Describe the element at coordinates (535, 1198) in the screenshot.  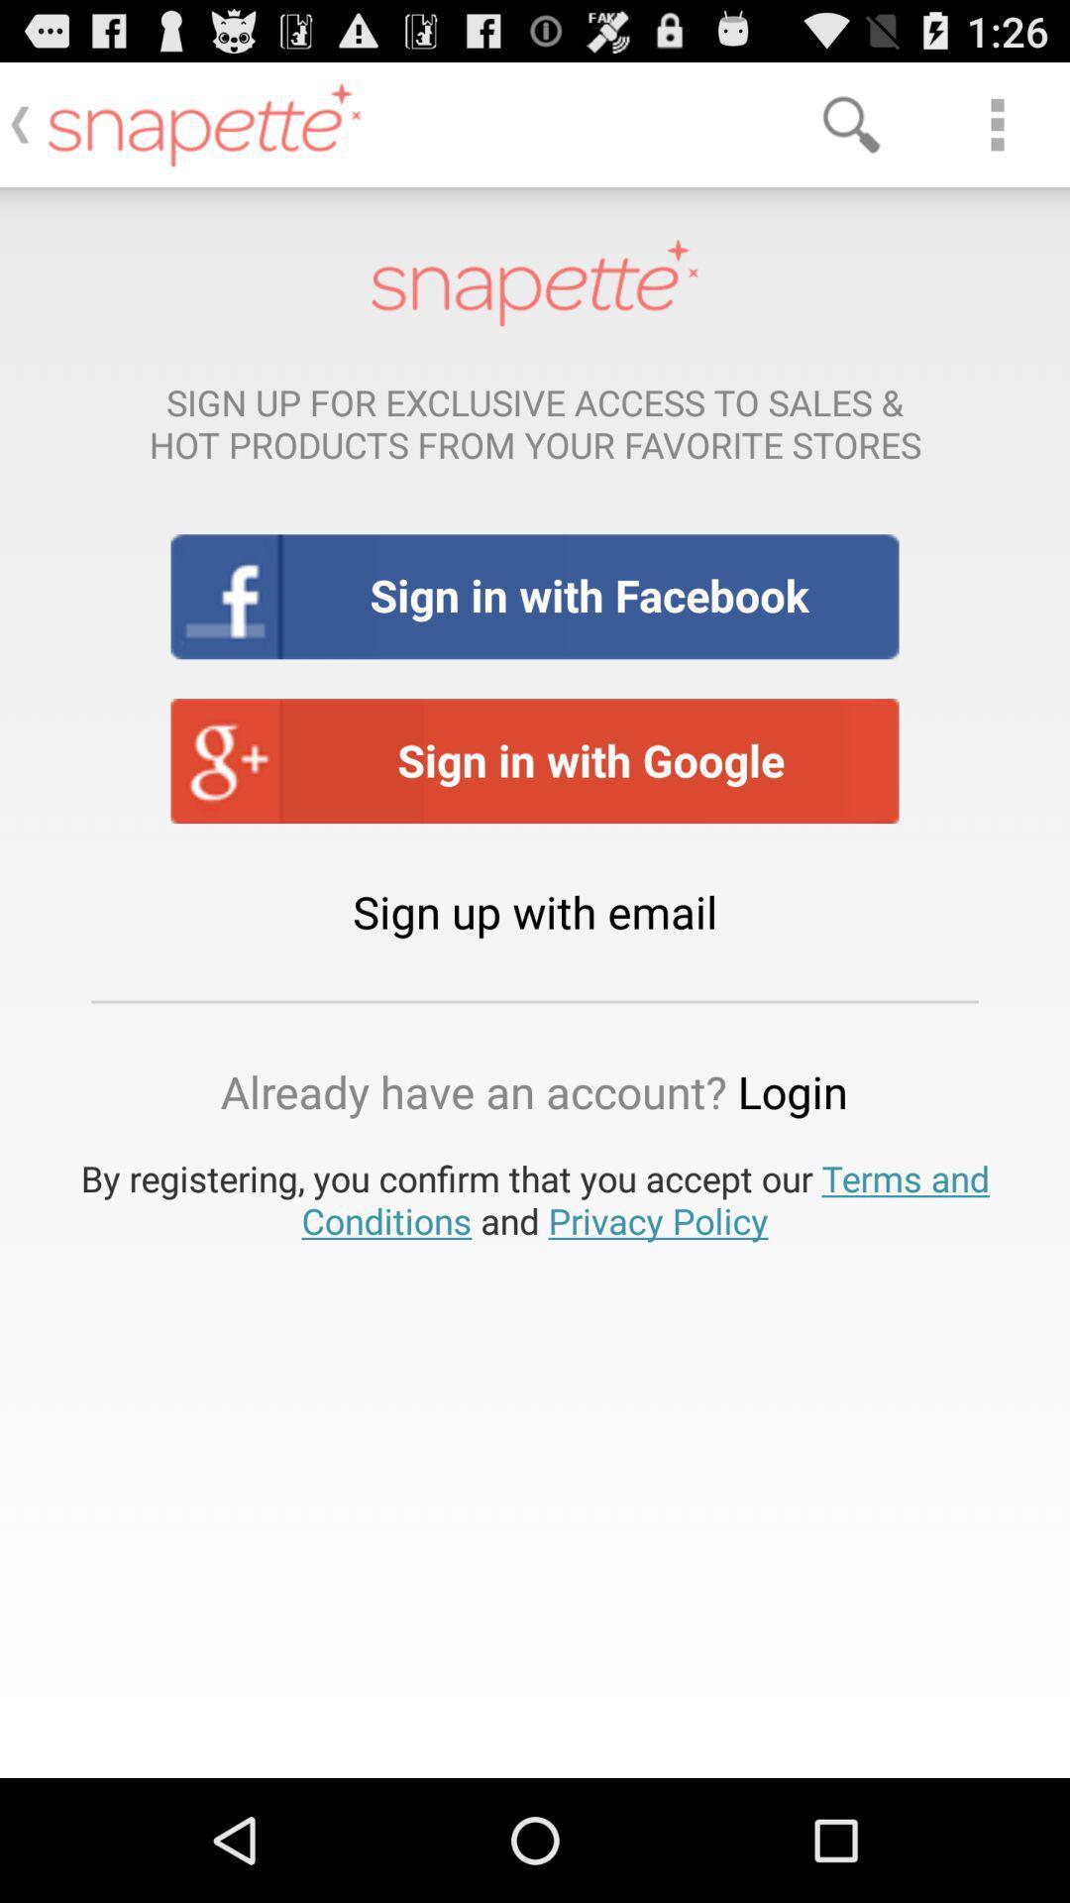
I see `icon below already have an button` at that location.